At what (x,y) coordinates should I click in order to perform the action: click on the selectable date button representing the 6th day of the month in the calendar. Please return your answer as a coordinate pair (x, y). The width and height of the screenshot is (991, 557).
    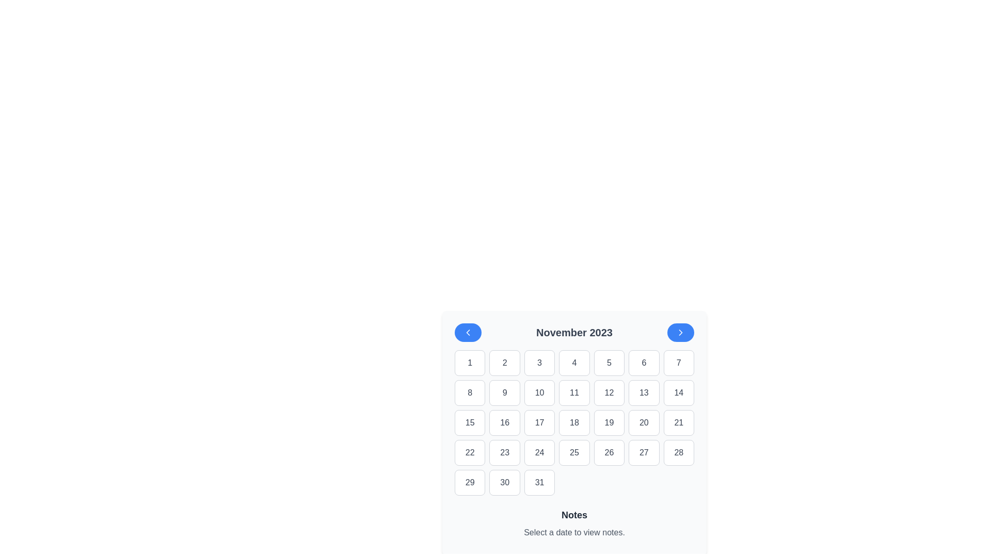
    Looking at the image, I should click on (643, 363).